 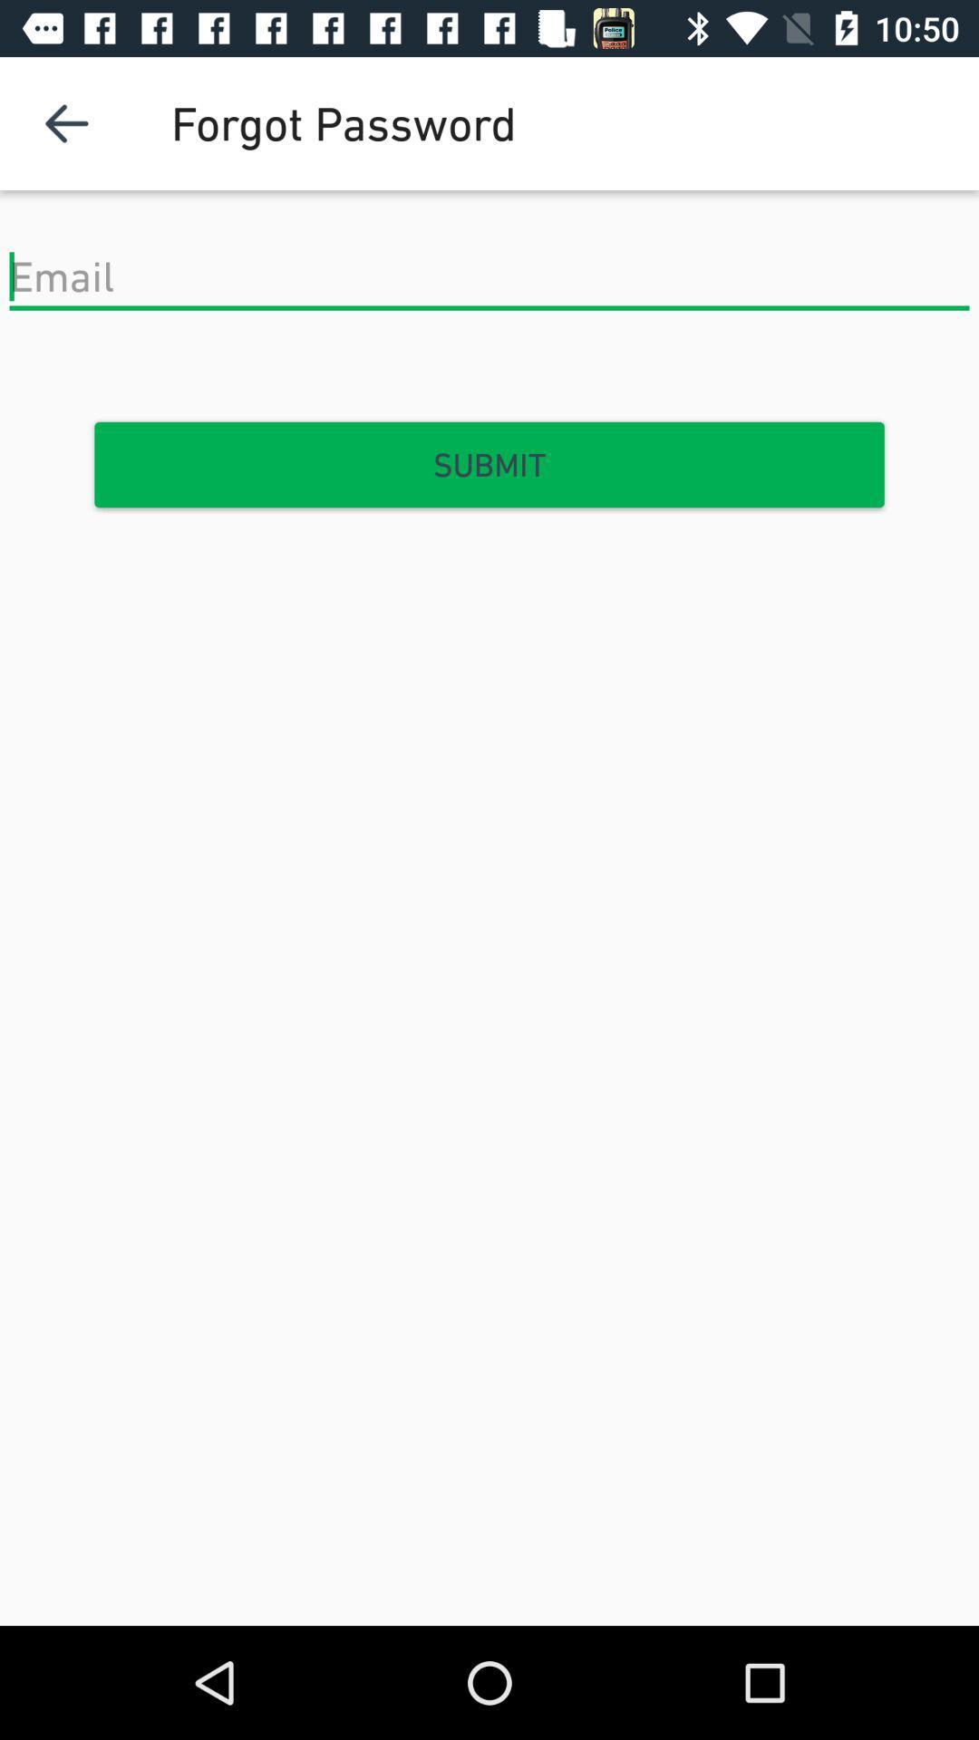 What do you see at coordinates (65, 122) in the screenshot?
I see `the item at the top left corner` at bounding box center [65, 122].